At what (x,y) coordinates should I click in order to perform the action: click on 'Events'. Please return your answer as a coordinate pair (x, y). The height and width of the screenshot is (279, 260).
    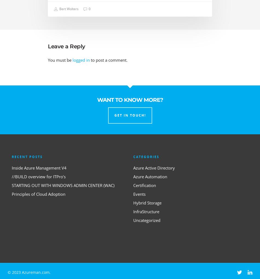
    Looking at the image, I should click on (139, 194).